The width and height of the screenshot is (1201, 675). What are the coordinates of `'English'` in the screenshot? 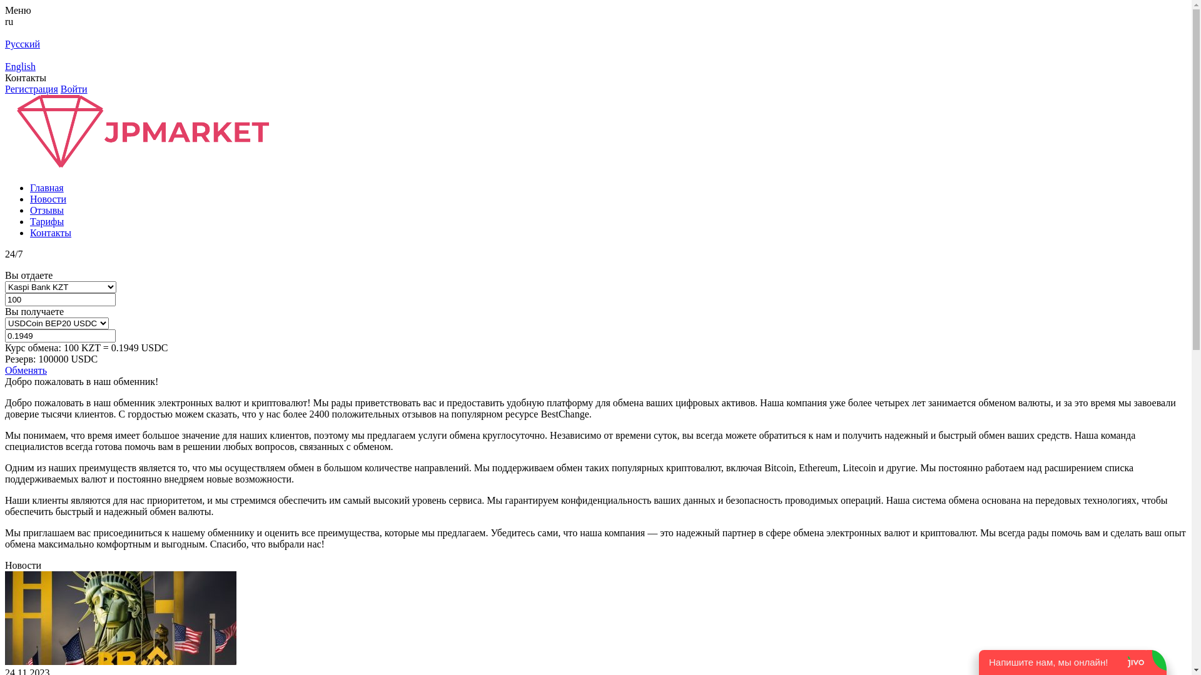 It's located at (5, 66).